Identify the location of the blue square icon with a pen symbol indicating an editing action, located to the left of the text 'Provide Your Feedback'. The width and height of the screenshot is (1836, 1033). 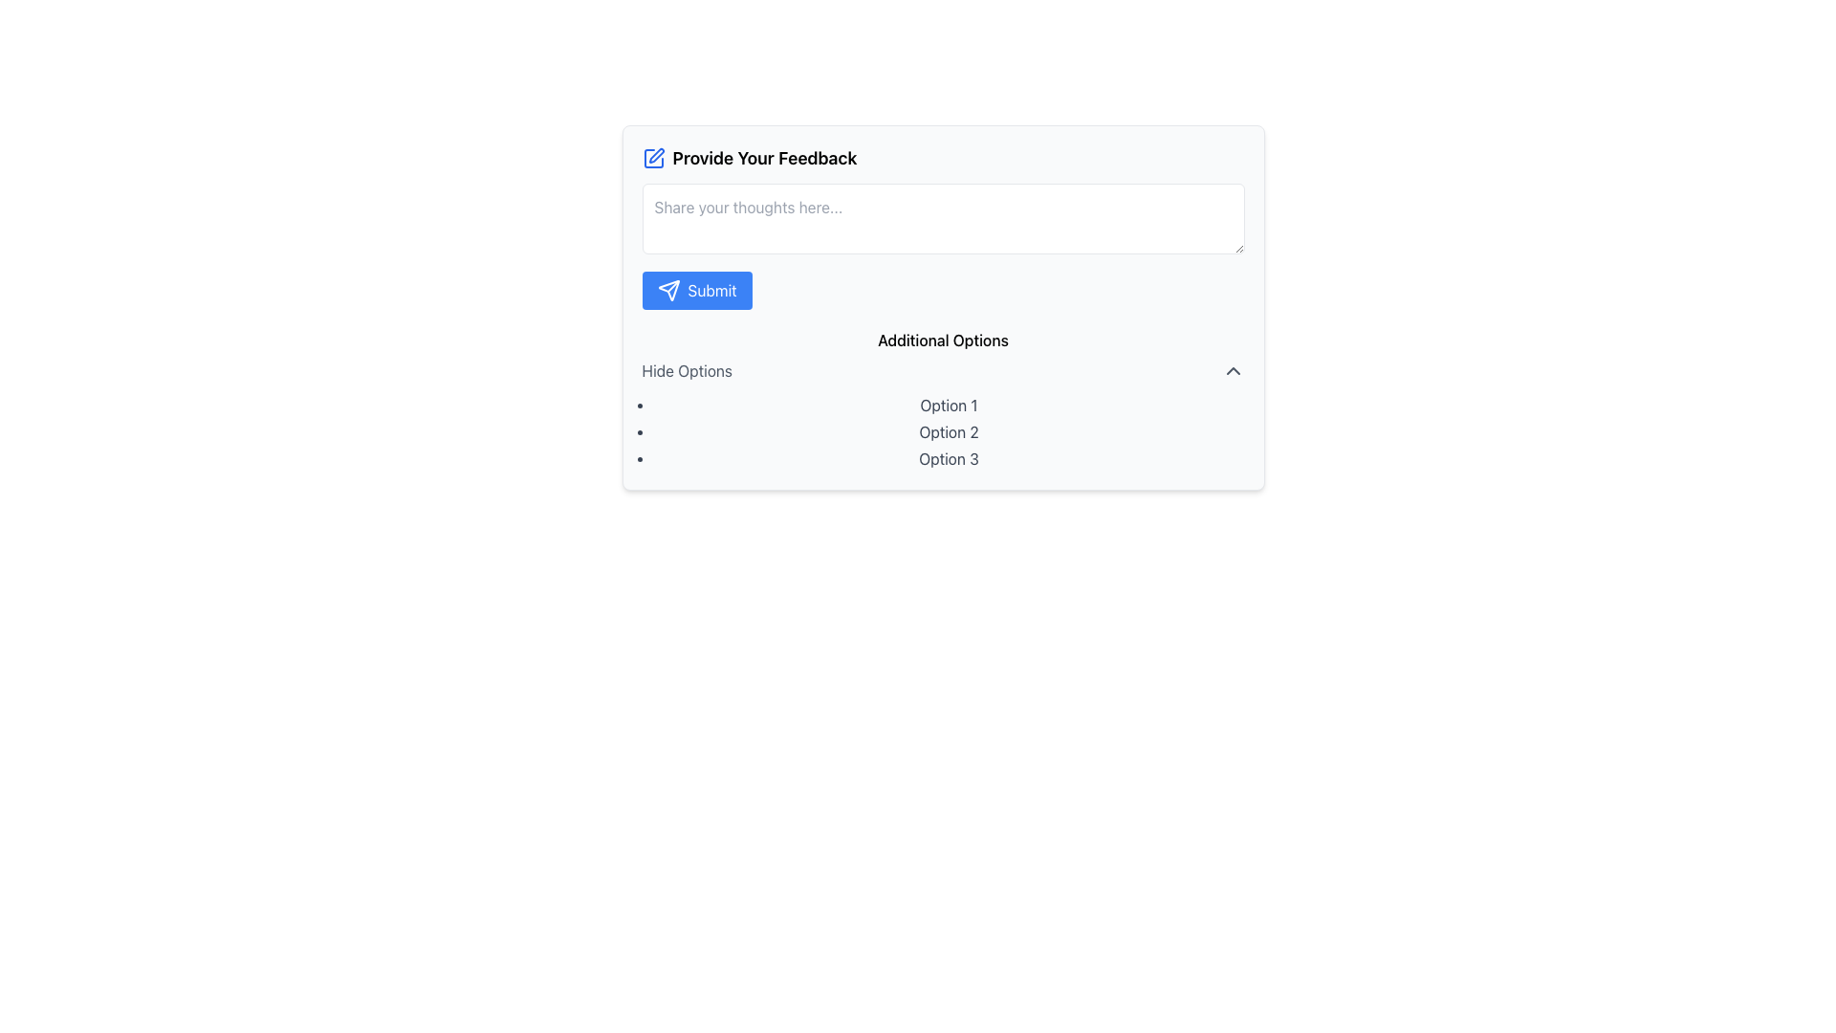
(653, 157).